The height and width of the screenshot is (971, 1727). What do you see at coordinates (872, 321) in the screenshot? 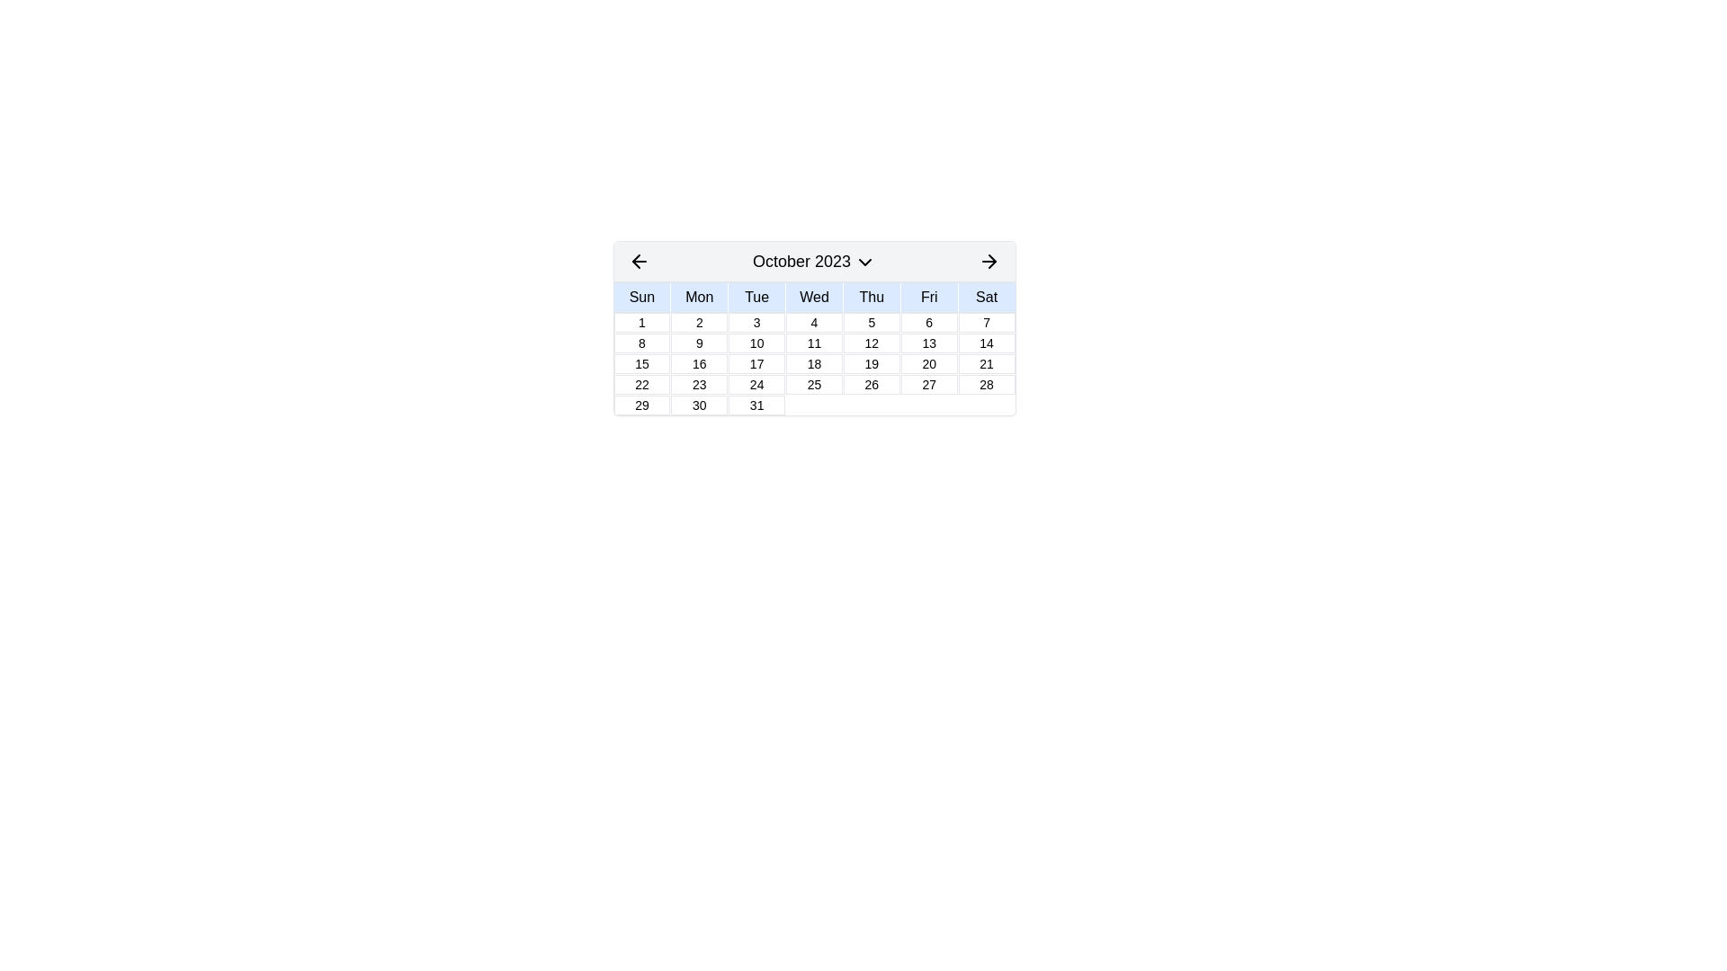
I see `the Calendar Day Cell representing the 5th day of the month, located under the 'Thu' header in the calendar interface` at bounding box center [872, 321].